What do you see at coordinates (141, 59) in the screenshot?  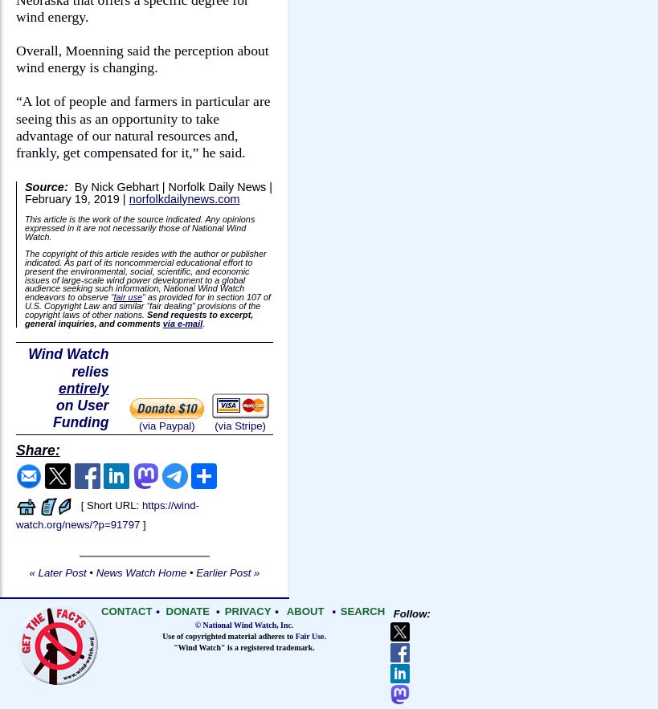 I see `'Overall, Moenning said the perception about wind energy is changing.'` at bounding box center [141, 59].